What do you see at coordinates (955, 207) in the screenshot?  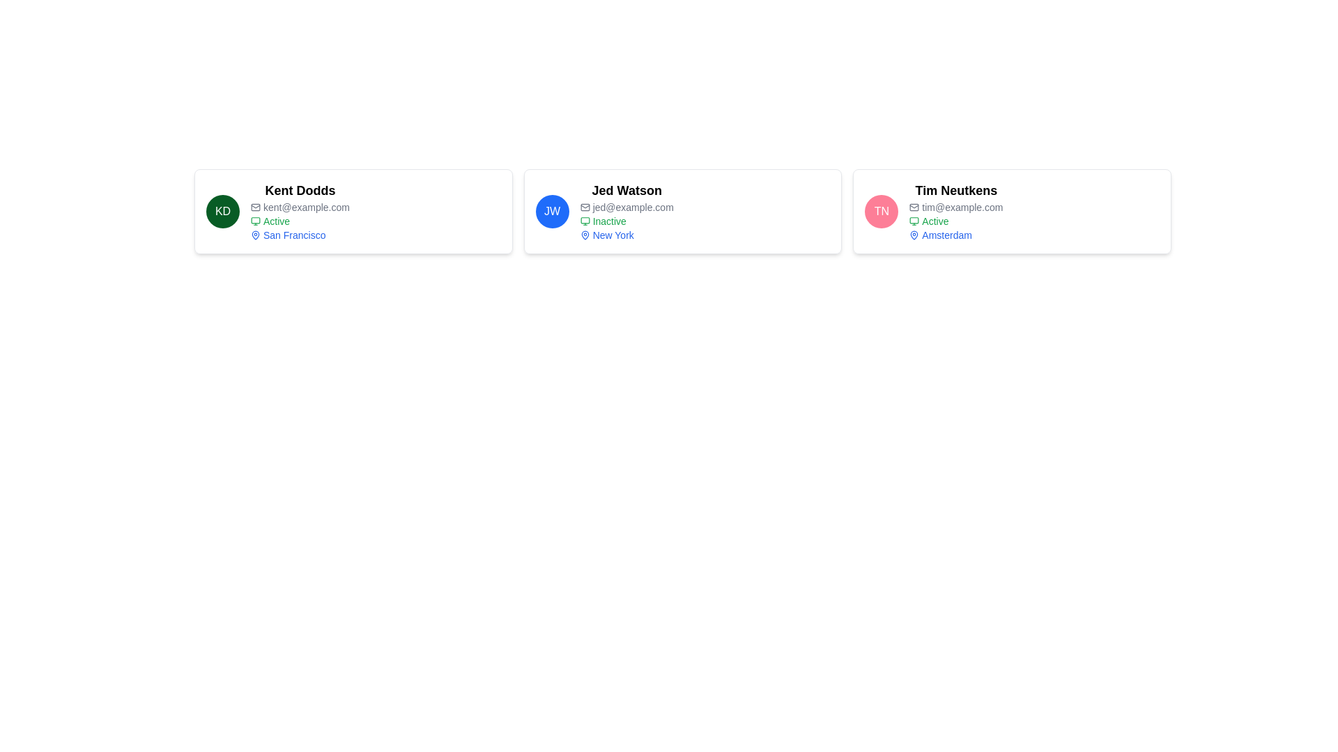 I see `the text display element showing the email address of Tim Neutkens` at bounding box center [955, 207].